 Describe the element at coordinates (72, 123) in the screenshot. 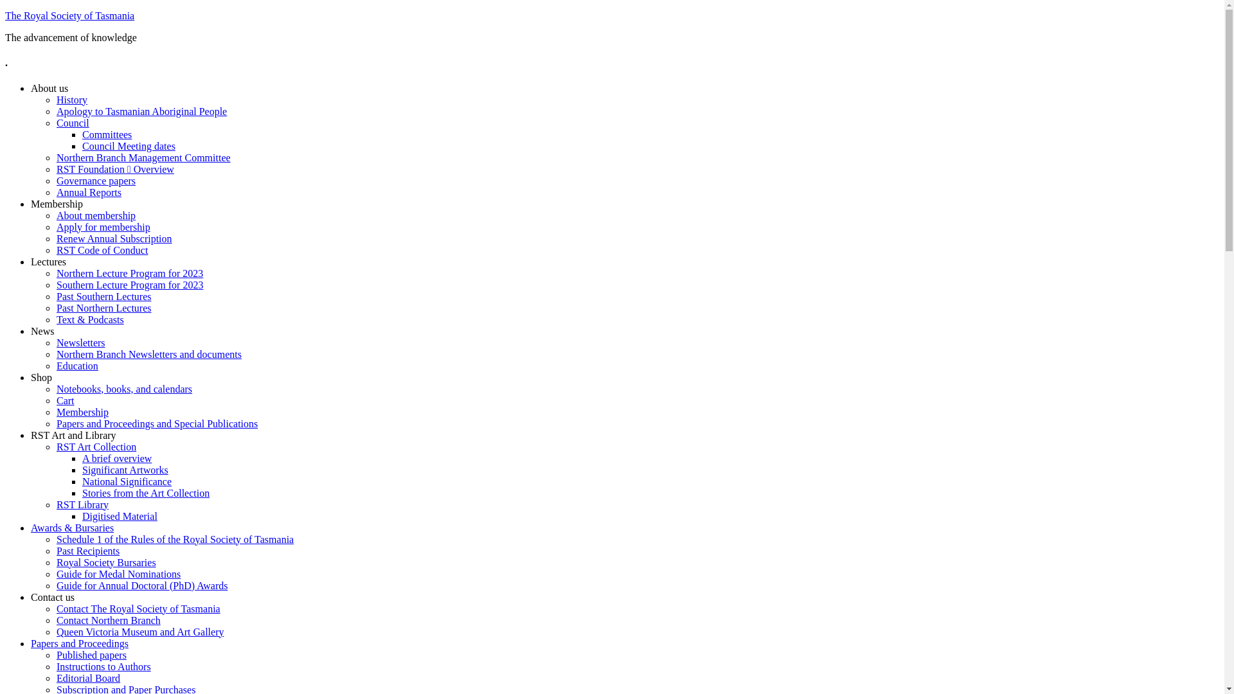

I see `'Council'` at that location.